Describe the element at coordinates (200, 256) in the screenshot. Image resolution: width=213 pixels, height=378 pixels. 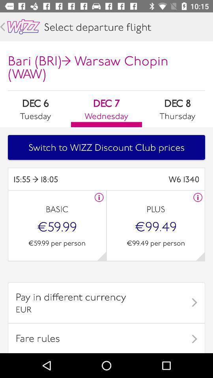
I see `expand section` at that location.